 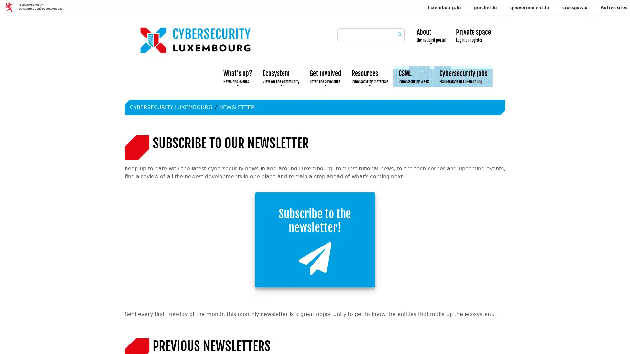 I want to click on CSWL Cybersecurity Week, so click(x=413, y=76).